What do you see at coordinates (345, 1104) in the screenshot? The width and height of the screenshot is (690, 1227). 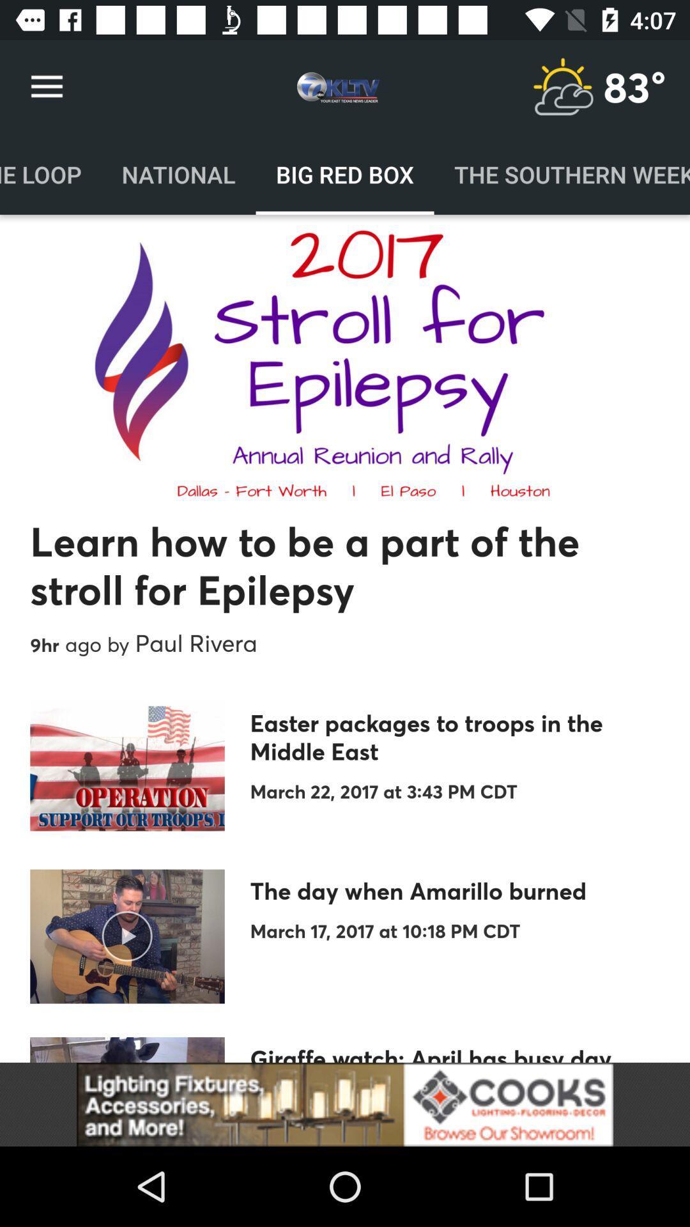 I see `advertisement link` at bounding box center [345, 1104].